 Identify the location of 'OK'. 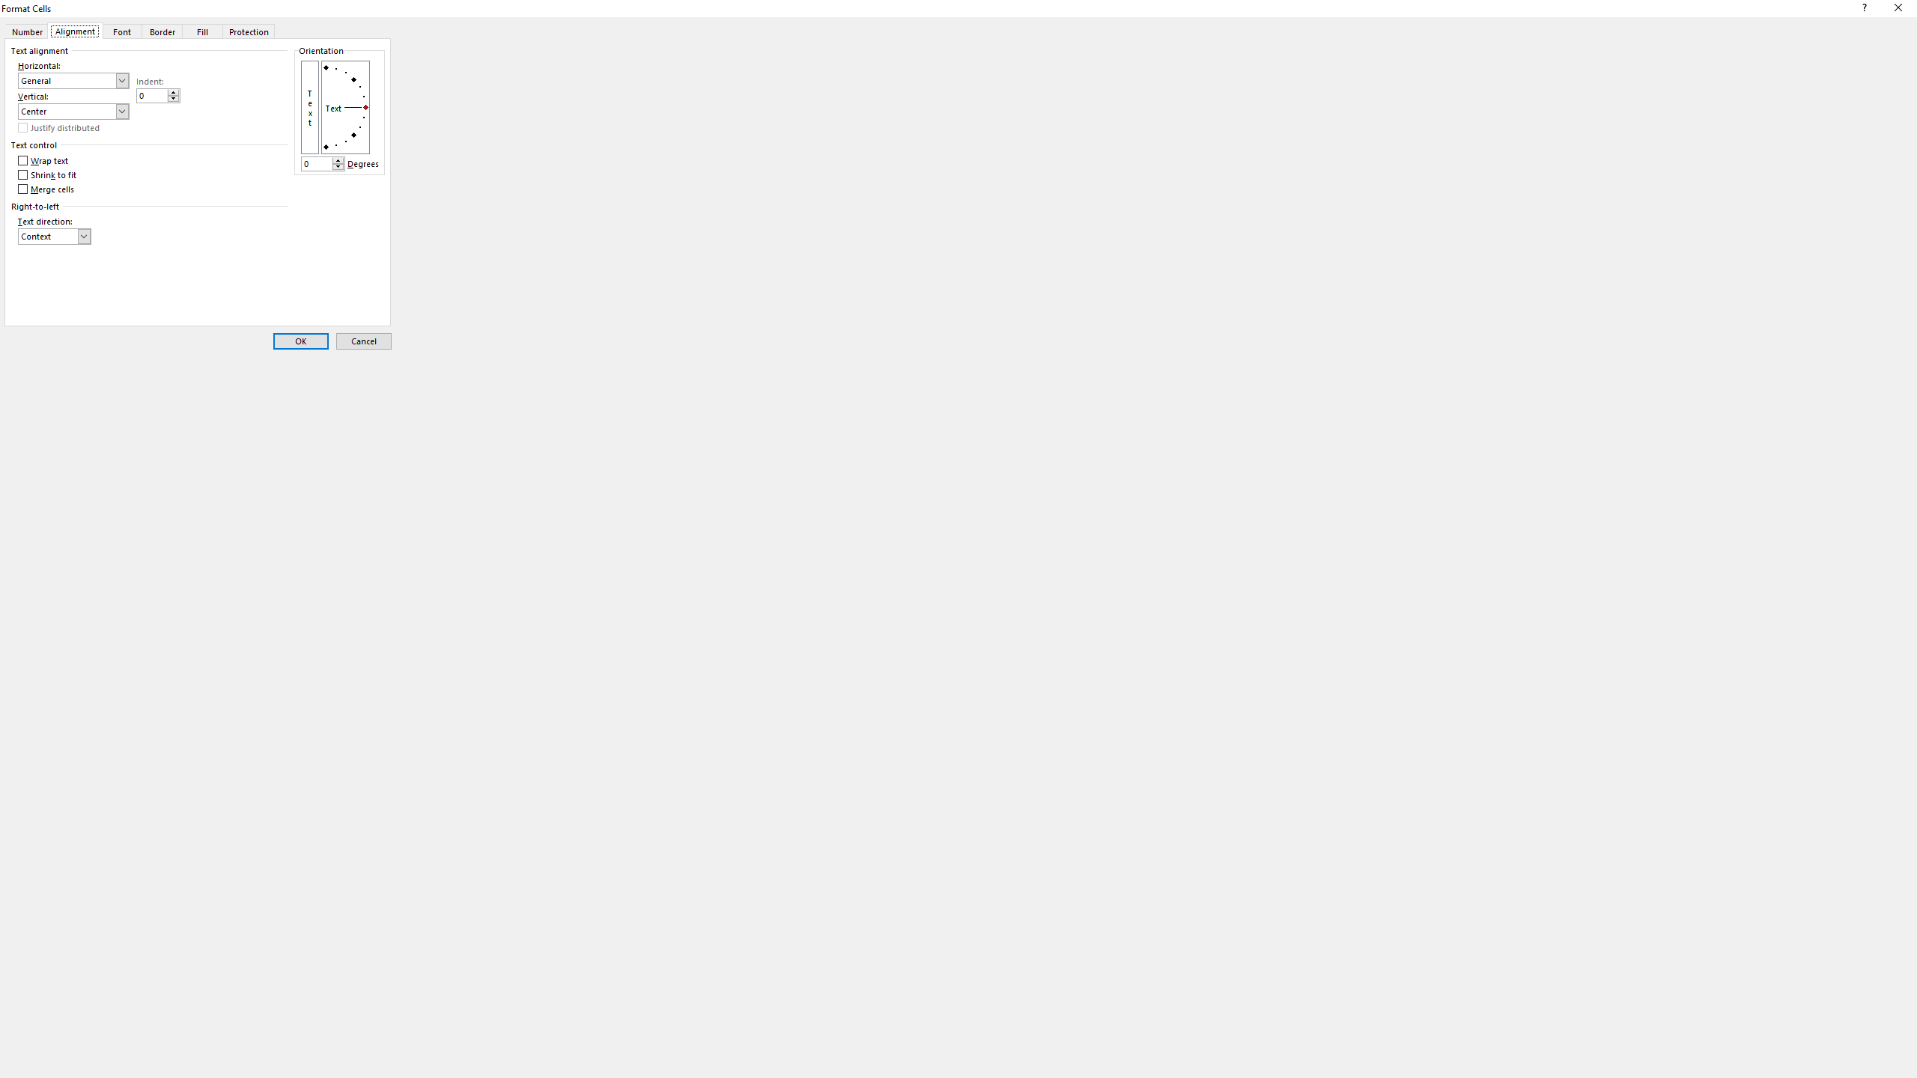
(300, 341).